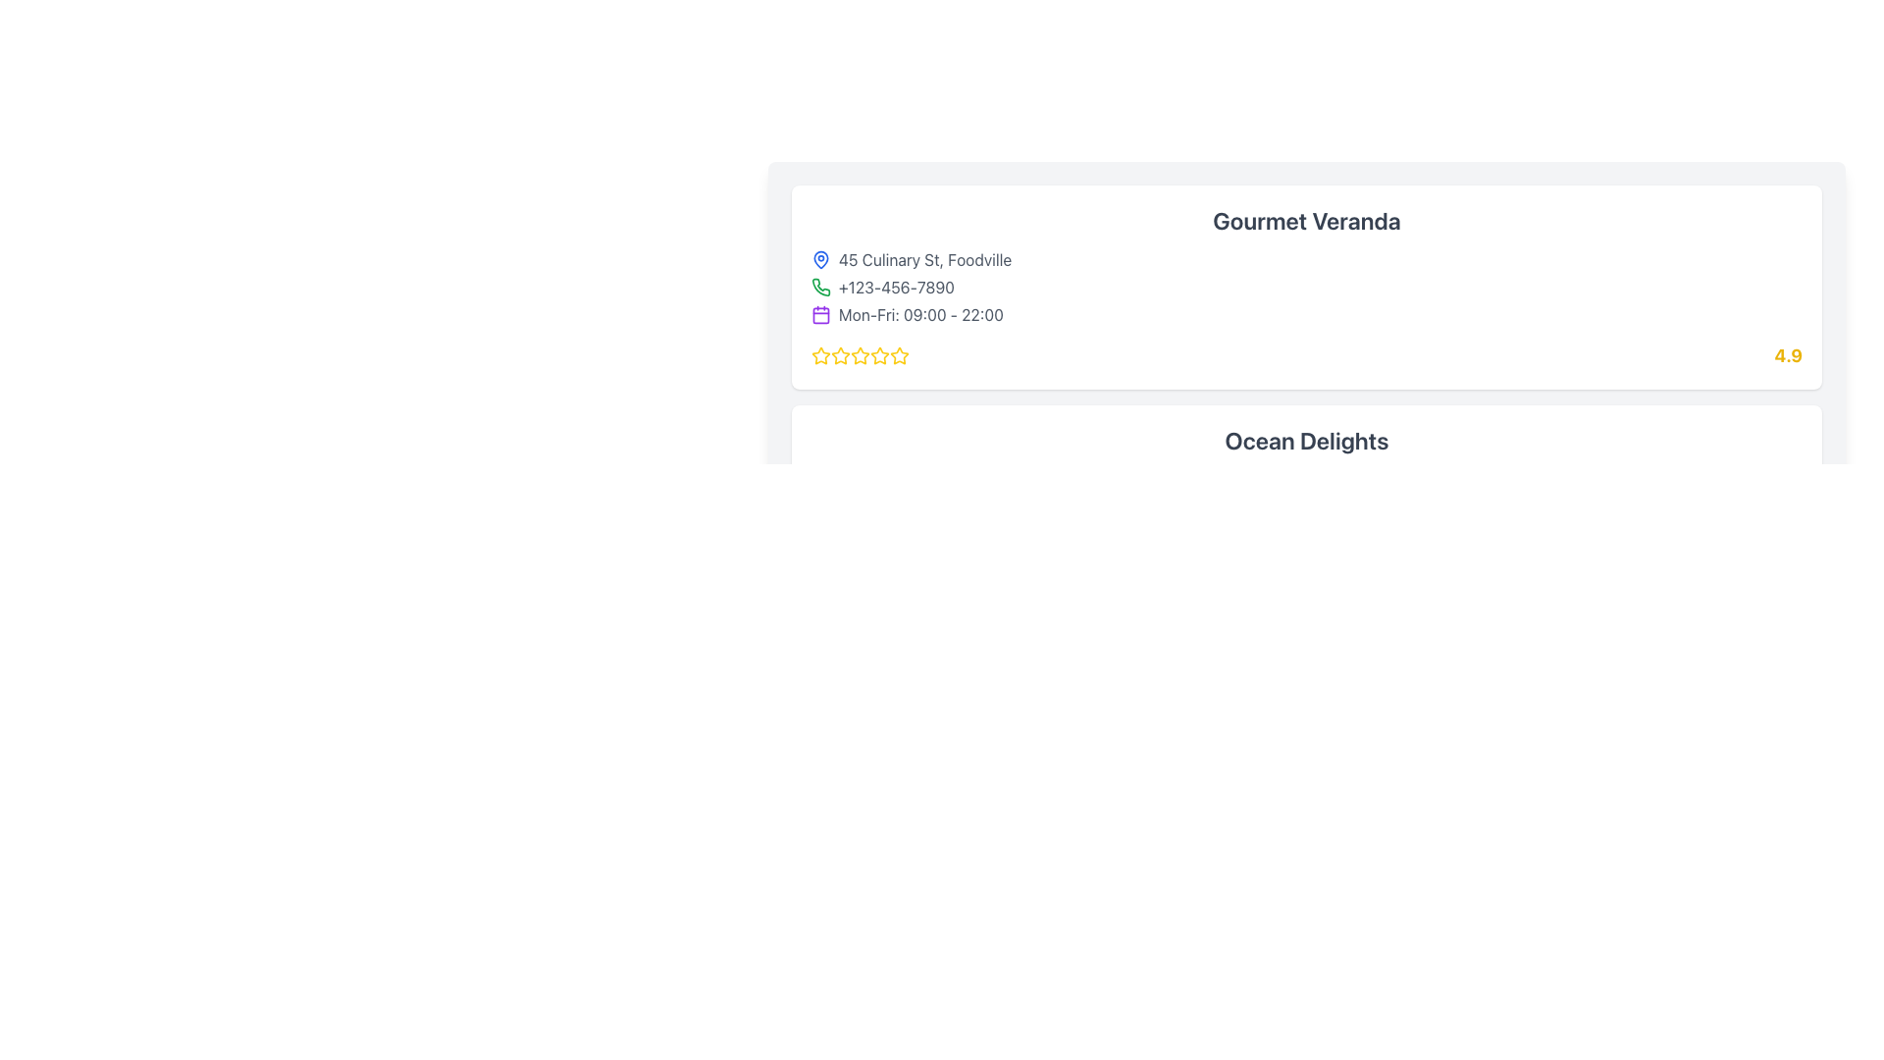 The width and height of the screenshot is (1884, 1060). What do you see at coordinates (841, 355) in the screenshot?
I see `the second star icon in a horizontal sequence, which has a five-pointed shape with a golden yellow outline and a hollow center` at bounding box center [841, 355].